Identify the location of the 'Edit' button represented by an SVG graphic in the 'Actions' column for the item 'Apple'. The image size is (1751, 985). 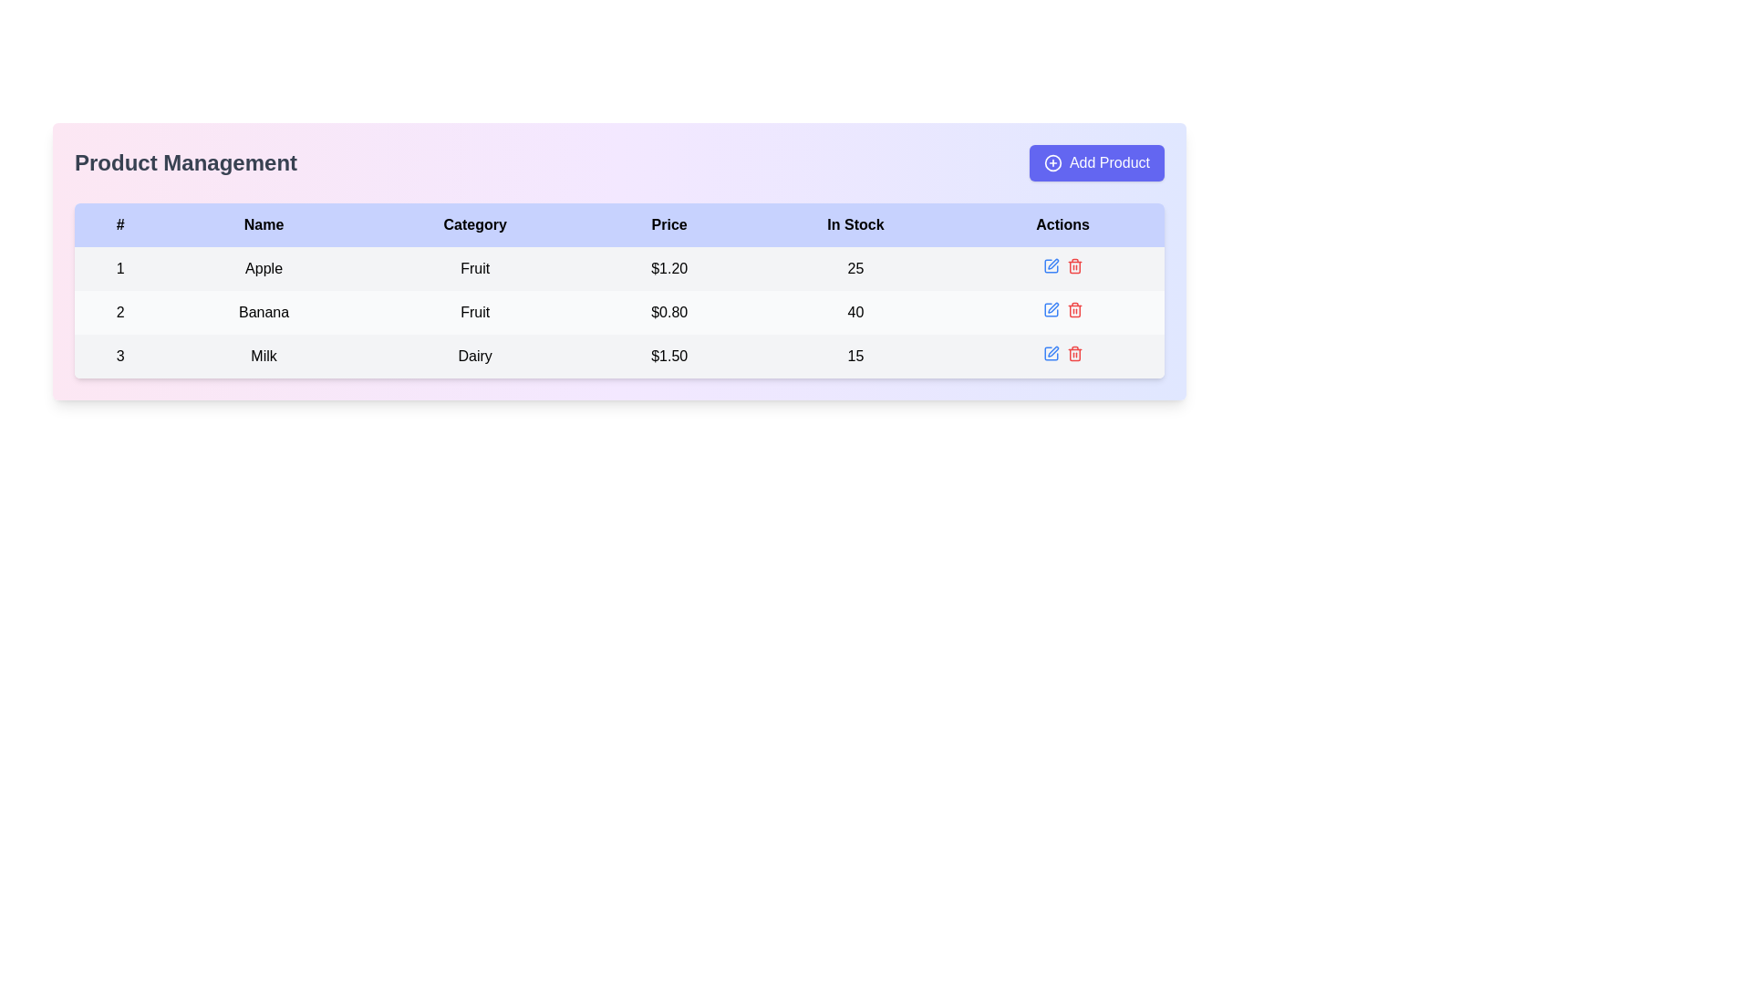
(1052, 264).